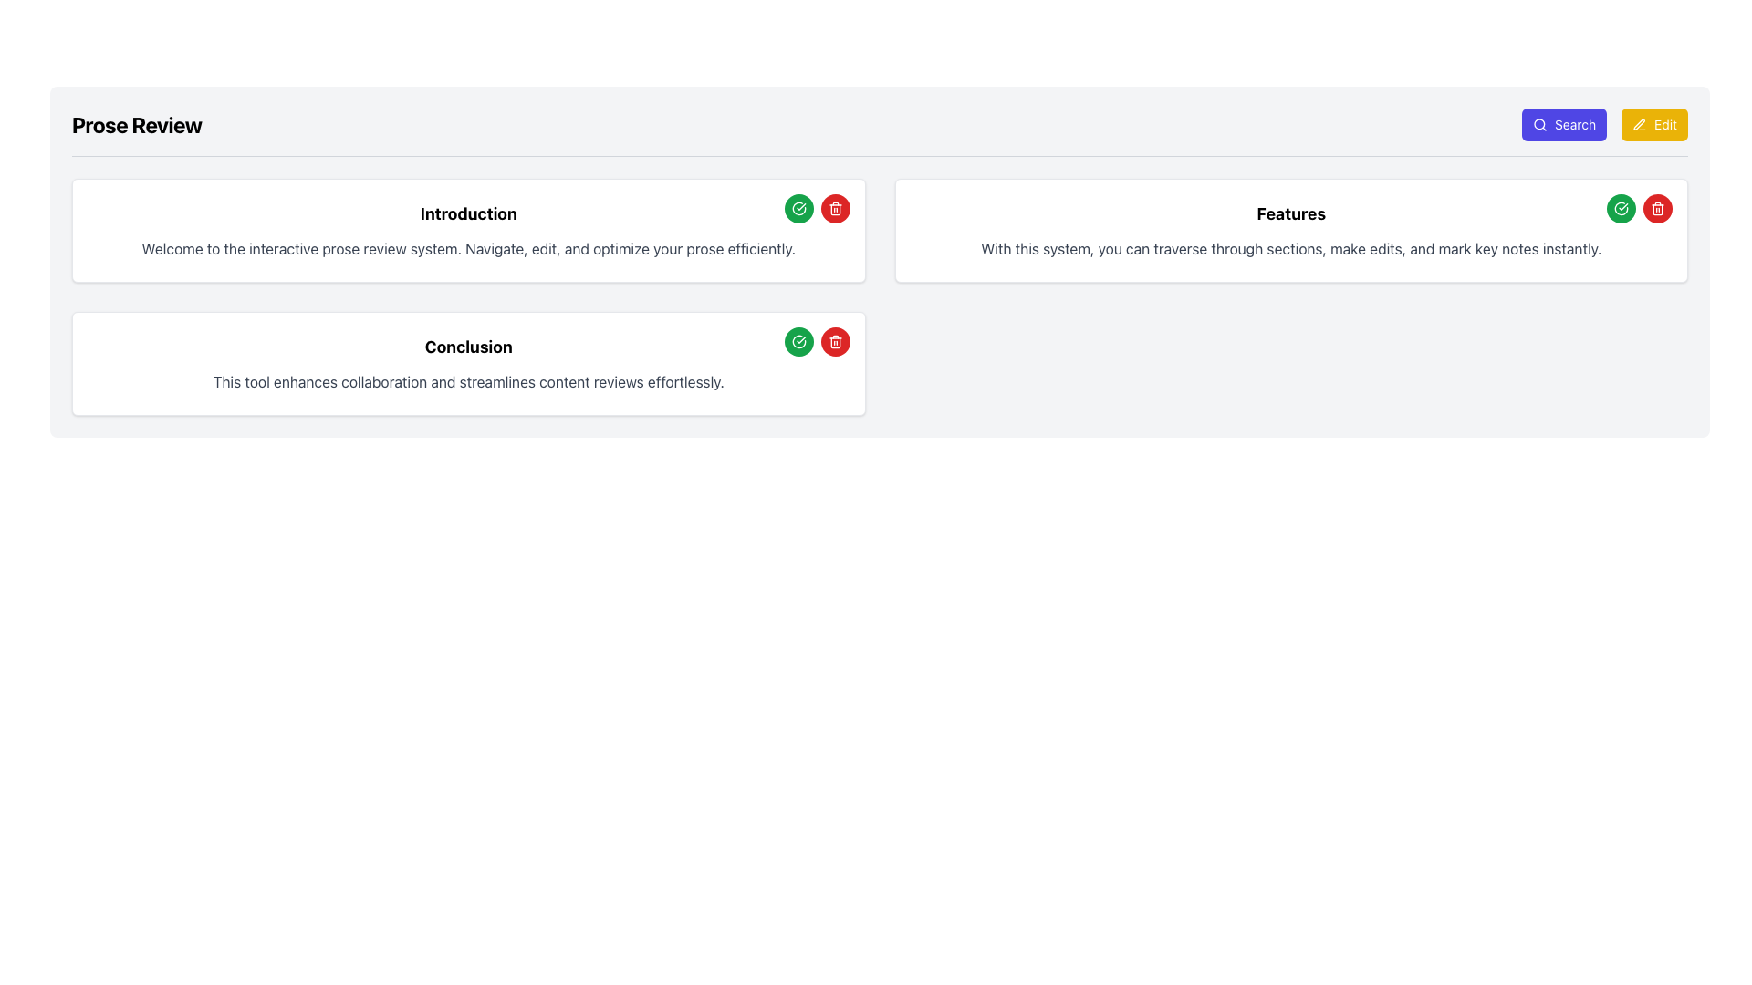  I want to click on the trash bin icon button, which is styled with red color and located at the top right corner of the 'Features' section, so click(1658, 207).